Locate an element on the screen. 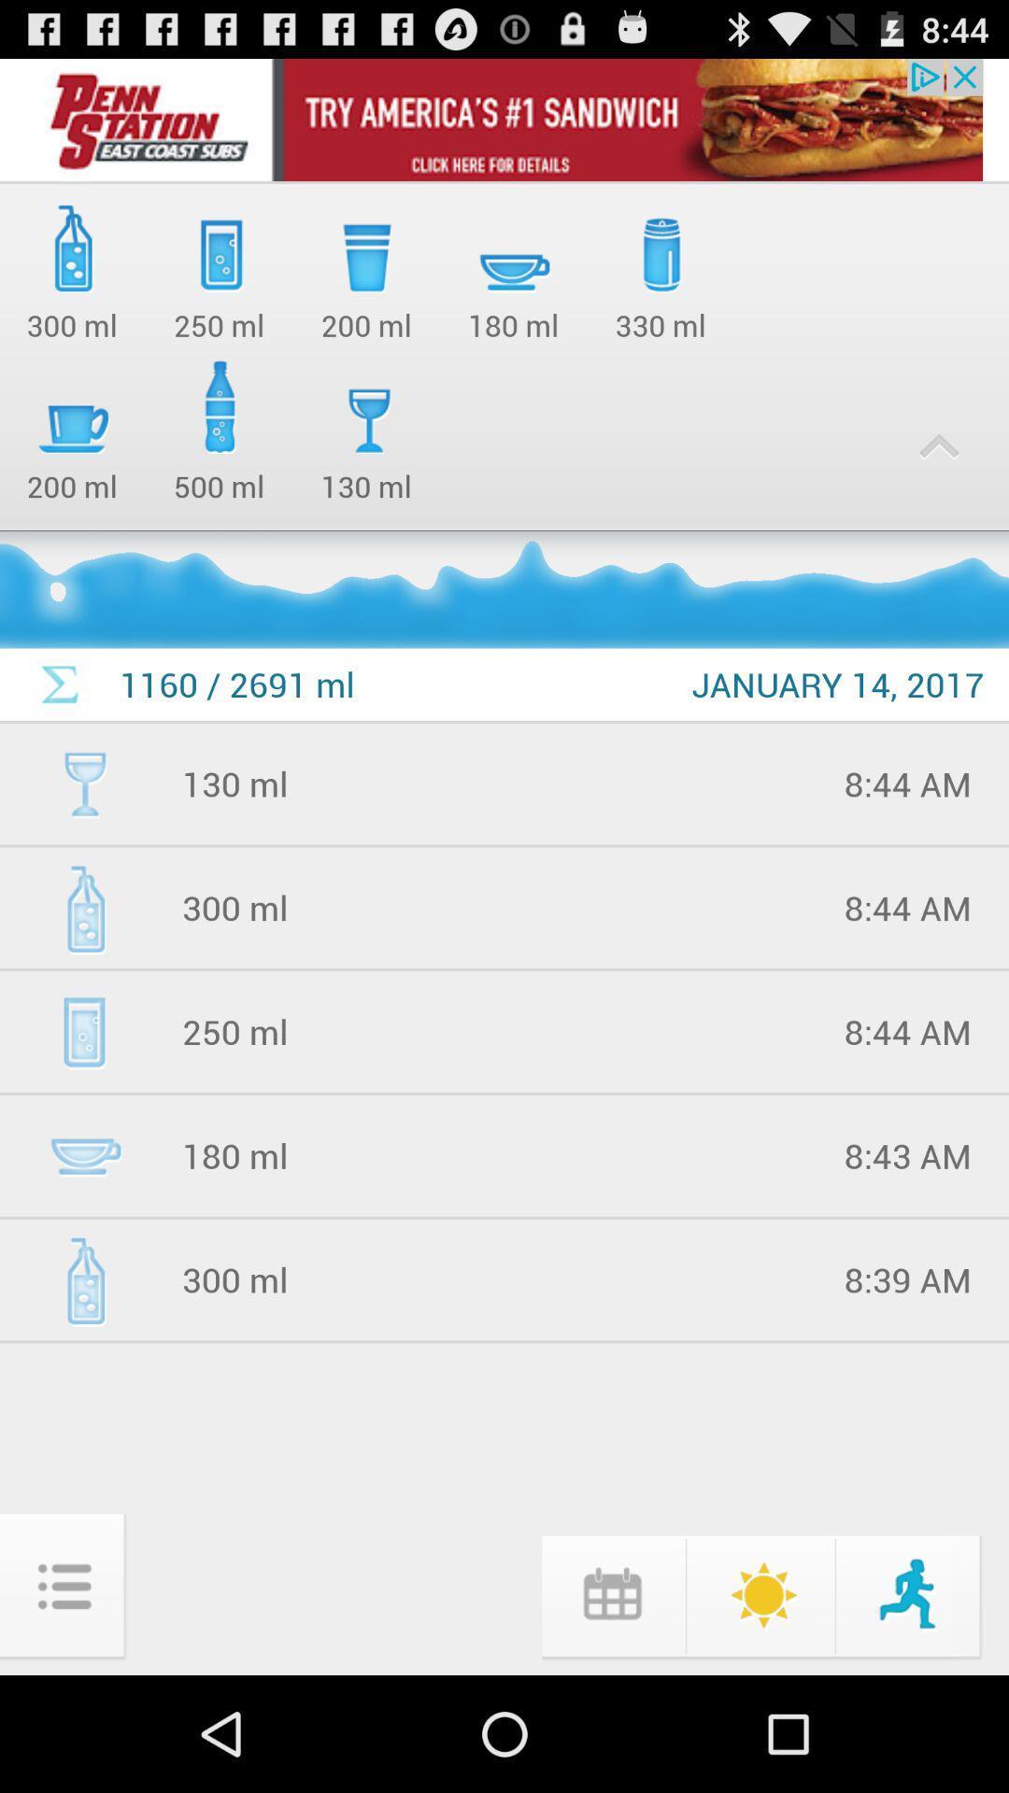 This screenshot has width=1009, height=1793. the weather icon is located at coordinates (760, 1705).